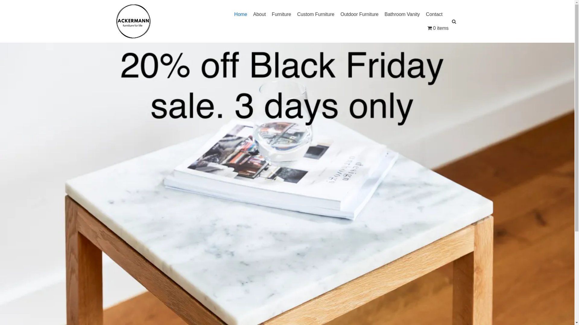 Image resolution: width=579 pixels, height=325 pixels. Describe the element at coordinates (315, 14) in the screenshot. I see `'Custom Furniture'` at that location.